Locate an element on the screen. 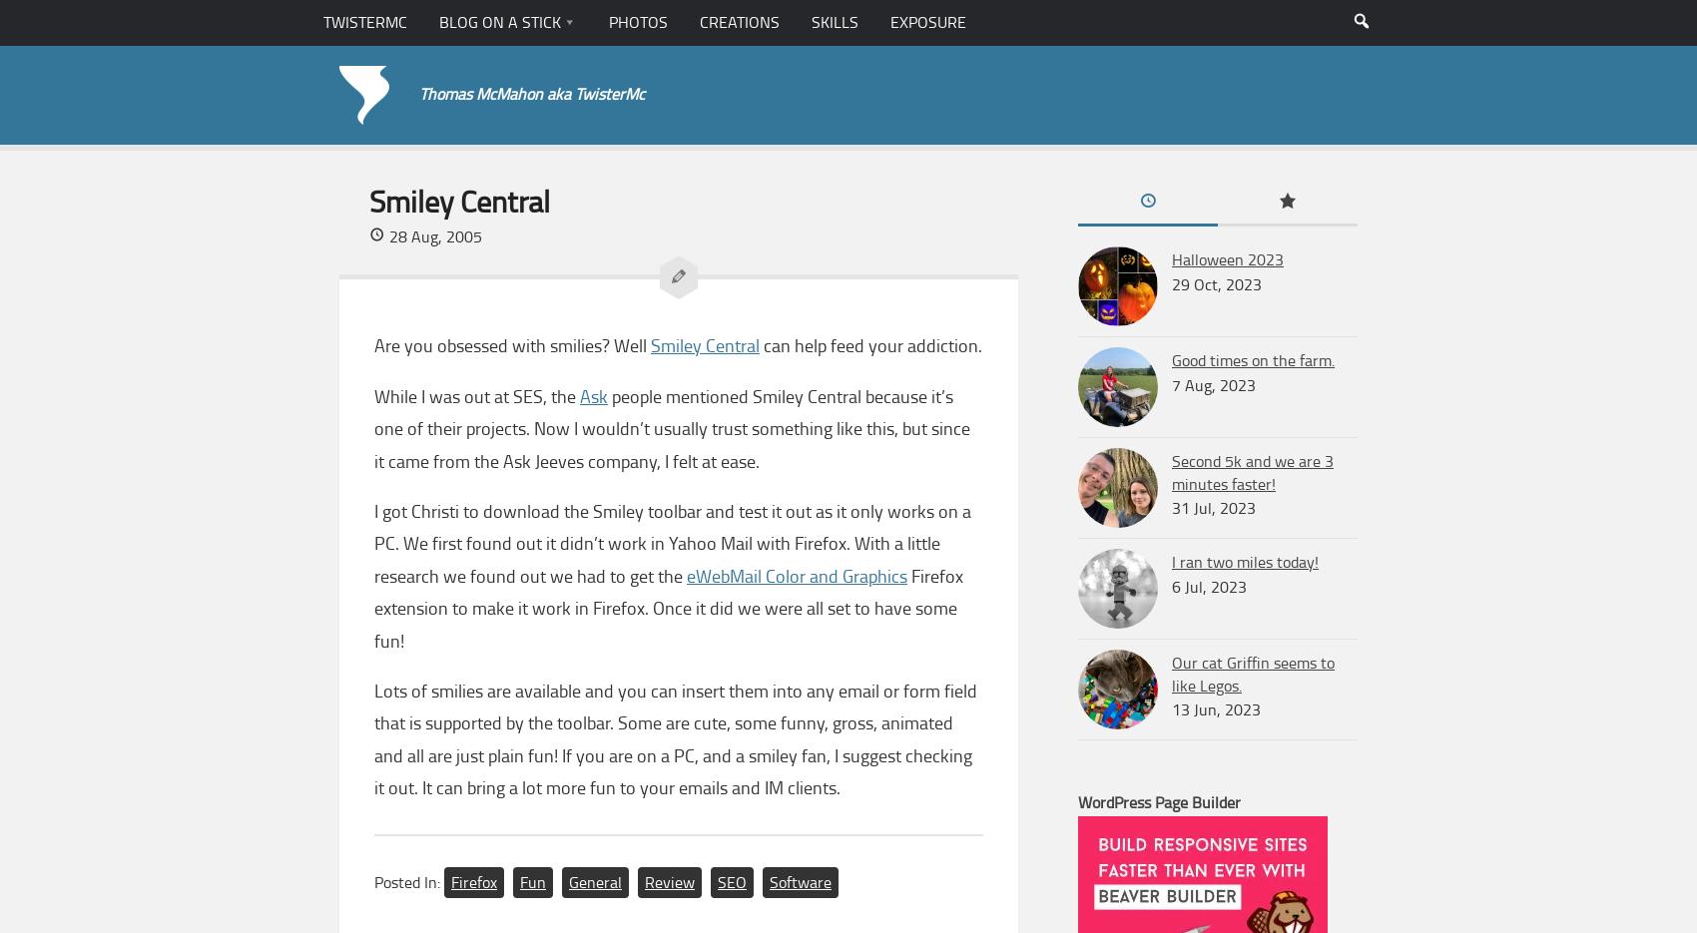 The height and width of the screenshot is (933, 1697). 'Lots of smilies are available and you can insert them into any email or form field that is supported by the toolbar. Some are cute, some funny, gross, animated and all are just plain fun! If you are on a PC, and a smiley fan, I suggest checking it out. It can bring a lot more fun to your emails and IM clients.' is located at coordinates (675, 737).